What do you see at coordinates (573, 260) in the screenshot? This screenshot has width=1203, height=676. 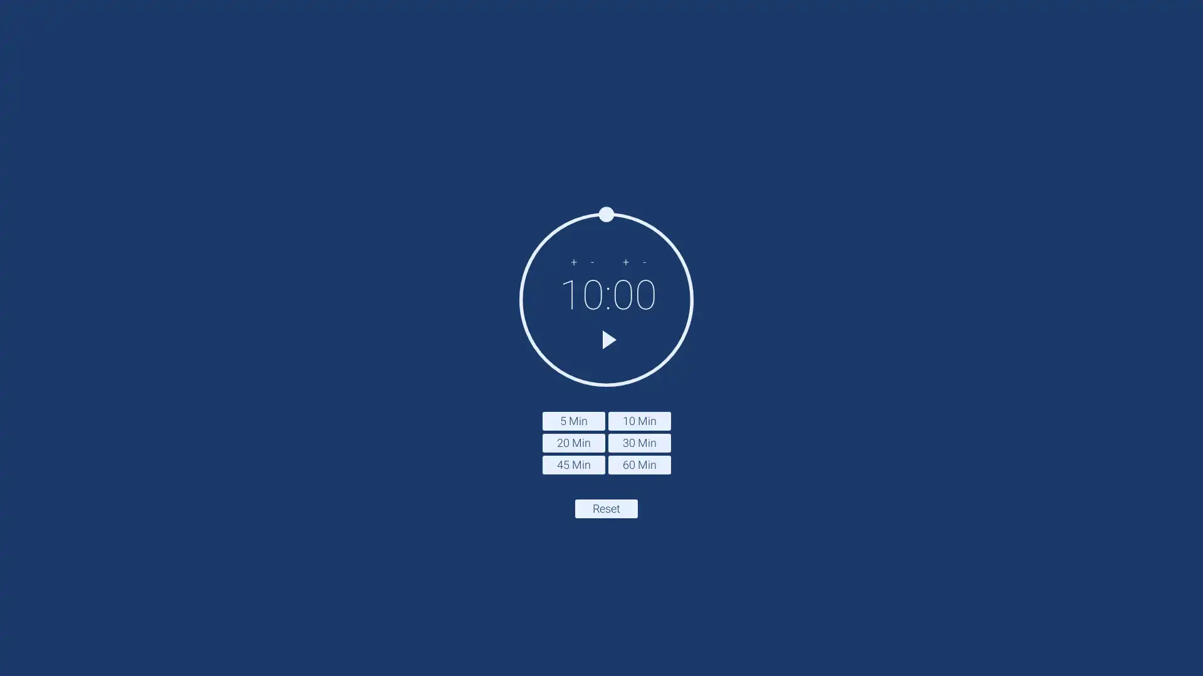 I see `+` at bounding box center [573, 260].